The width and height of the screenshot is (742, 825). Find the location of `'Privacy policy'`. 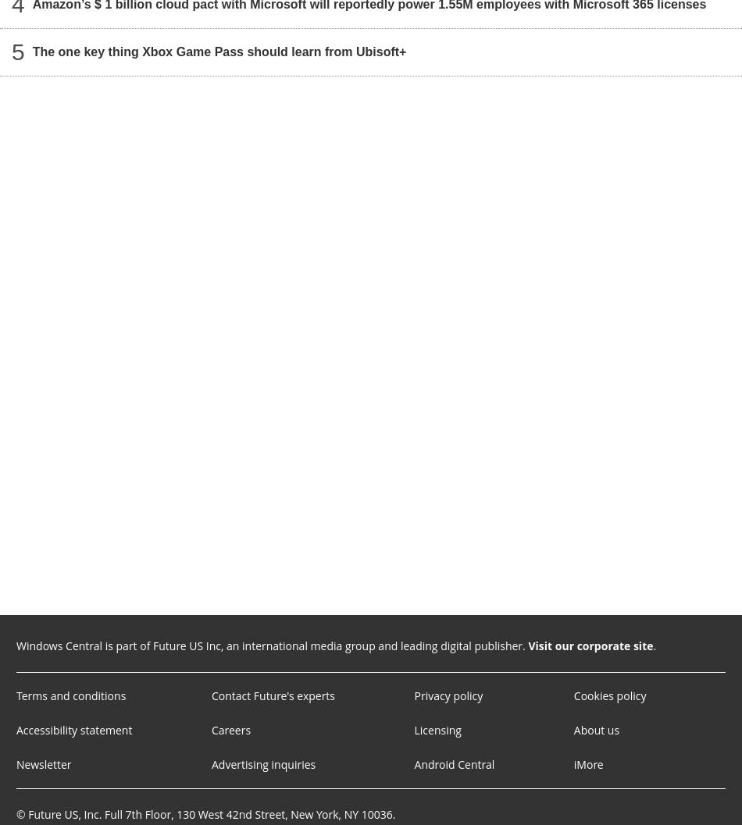

'Privacy policy' is located at coordinates (448, 695).